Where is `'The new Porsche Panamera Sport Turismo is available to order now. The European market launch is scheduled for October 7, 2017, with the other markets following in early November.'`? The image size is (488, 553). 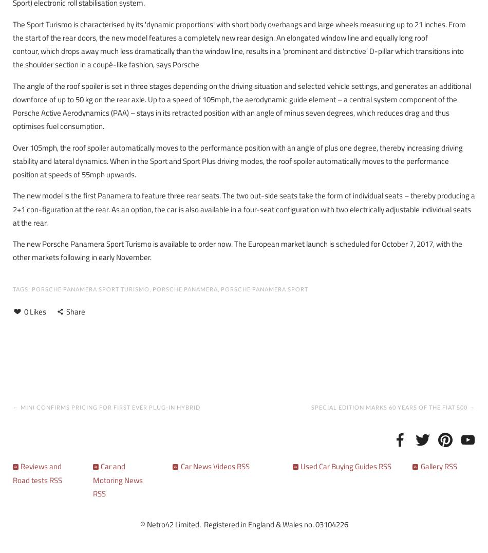 'The new Porsche Panamera Sport Turismo is available to order now. The European market launch is scheduled for October 7, 2017, with the other markets following in early November.' is located at coordinates (12, 250).